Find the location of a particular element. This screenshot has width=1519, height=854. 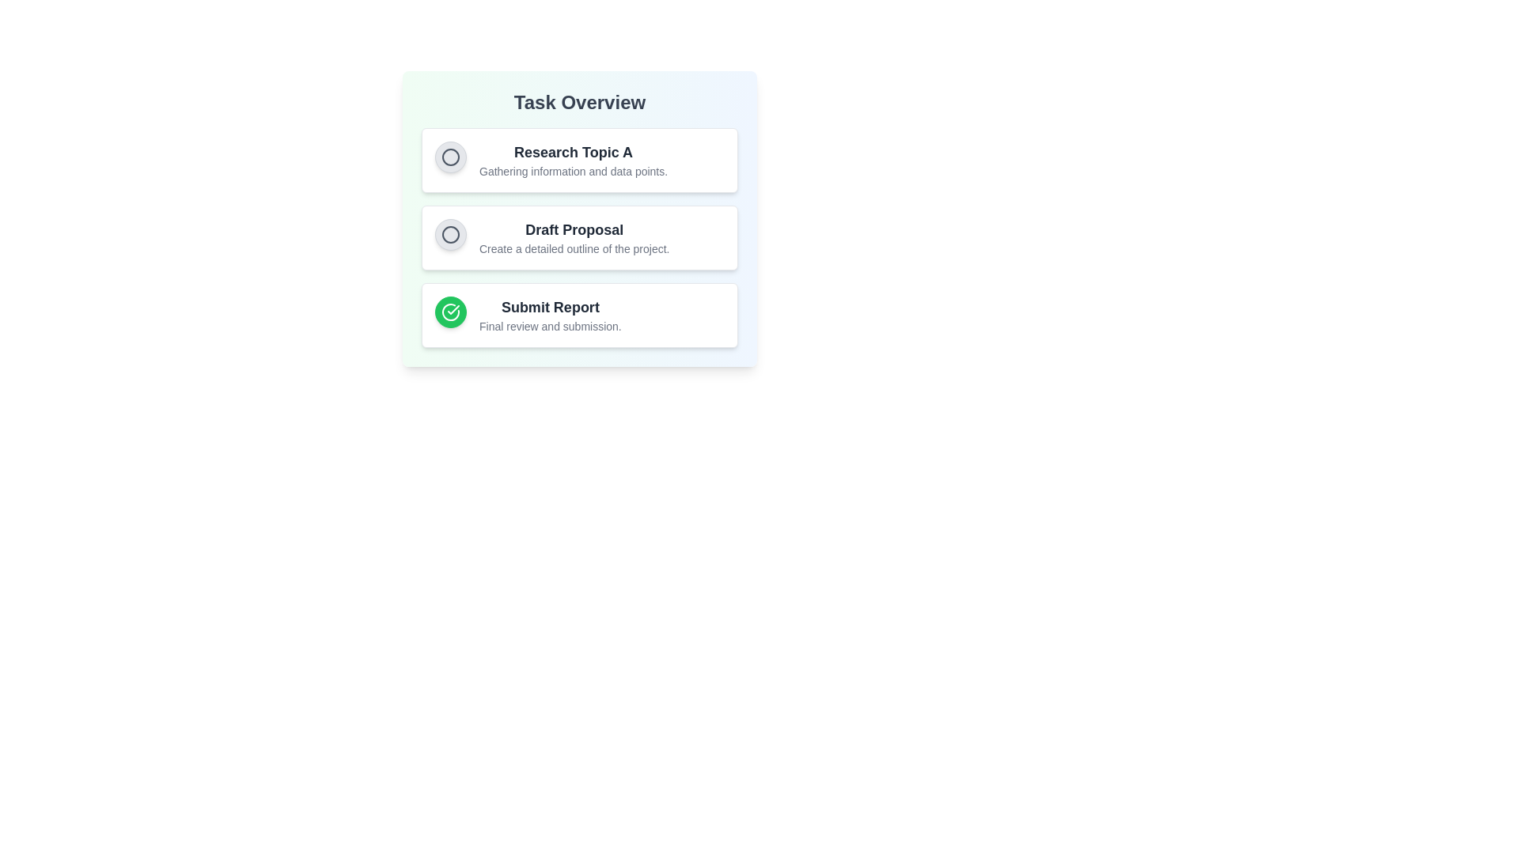

to select or interact with the task element that is the second item in a vertical list of tasks, identifiable by its bold title and description text is located at coordinates (574, 237).